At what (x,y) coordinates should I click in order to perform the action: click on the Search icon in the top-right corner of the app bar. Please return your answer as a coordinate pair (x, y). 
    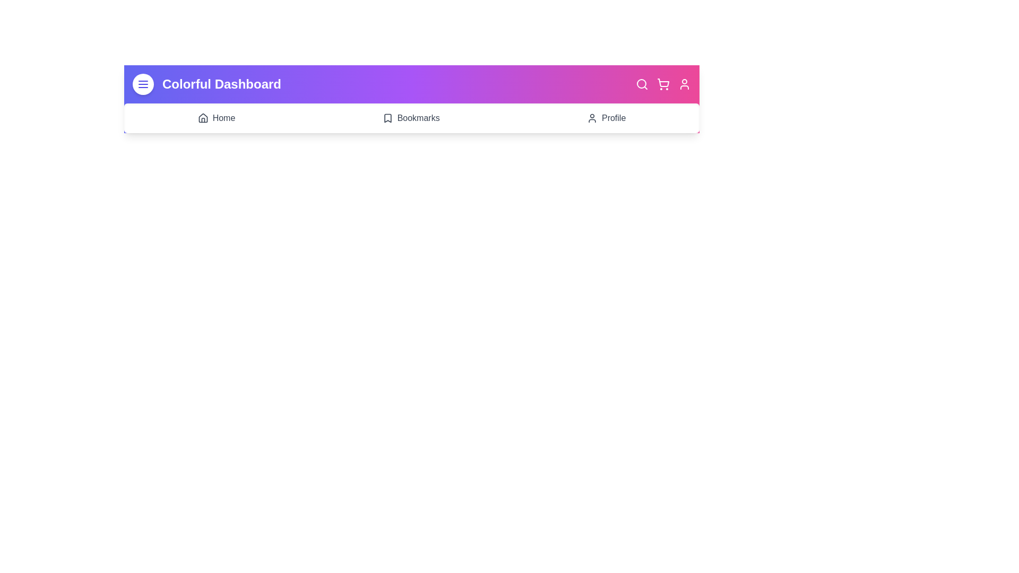
    Looking at the image, I should click on (641, 83).